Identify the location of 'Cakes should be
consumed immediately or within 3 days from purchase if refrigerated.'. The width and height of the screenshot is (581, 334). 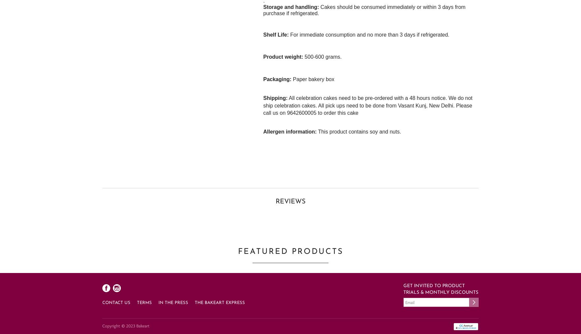
(364, 9).